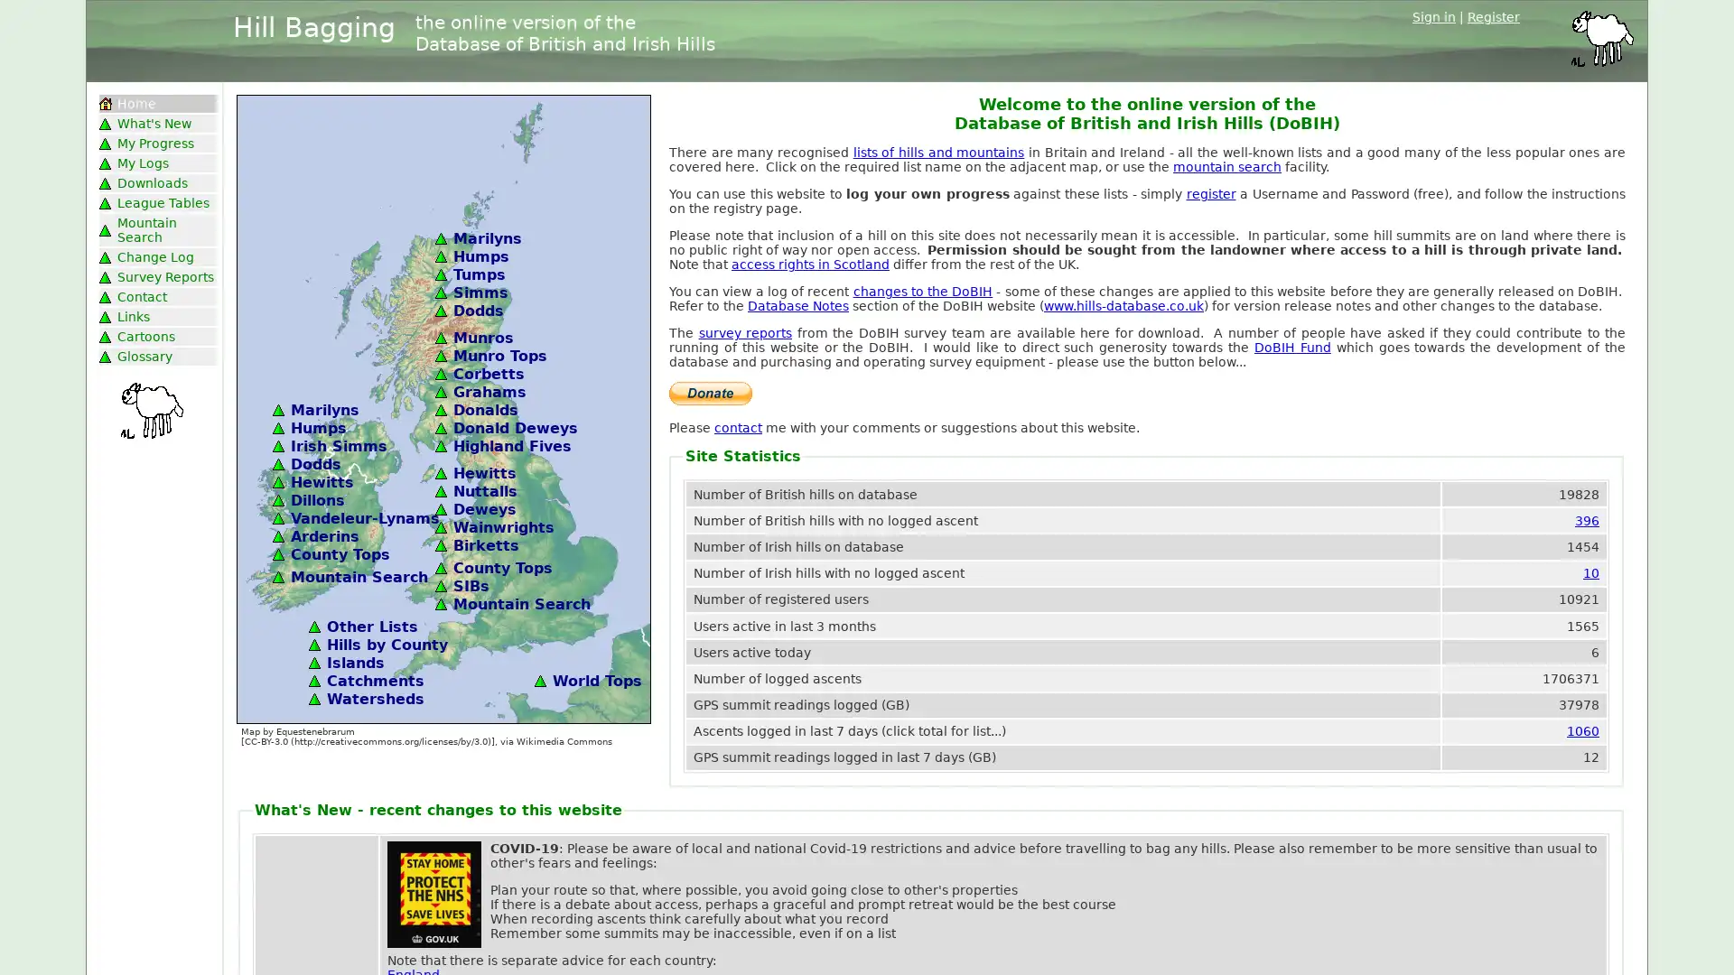  What do you see at coordinates (710, 392) in the screenshot?
I see `PayPal  The safer, easier way to pay online.` at bounding box center [710, 392].